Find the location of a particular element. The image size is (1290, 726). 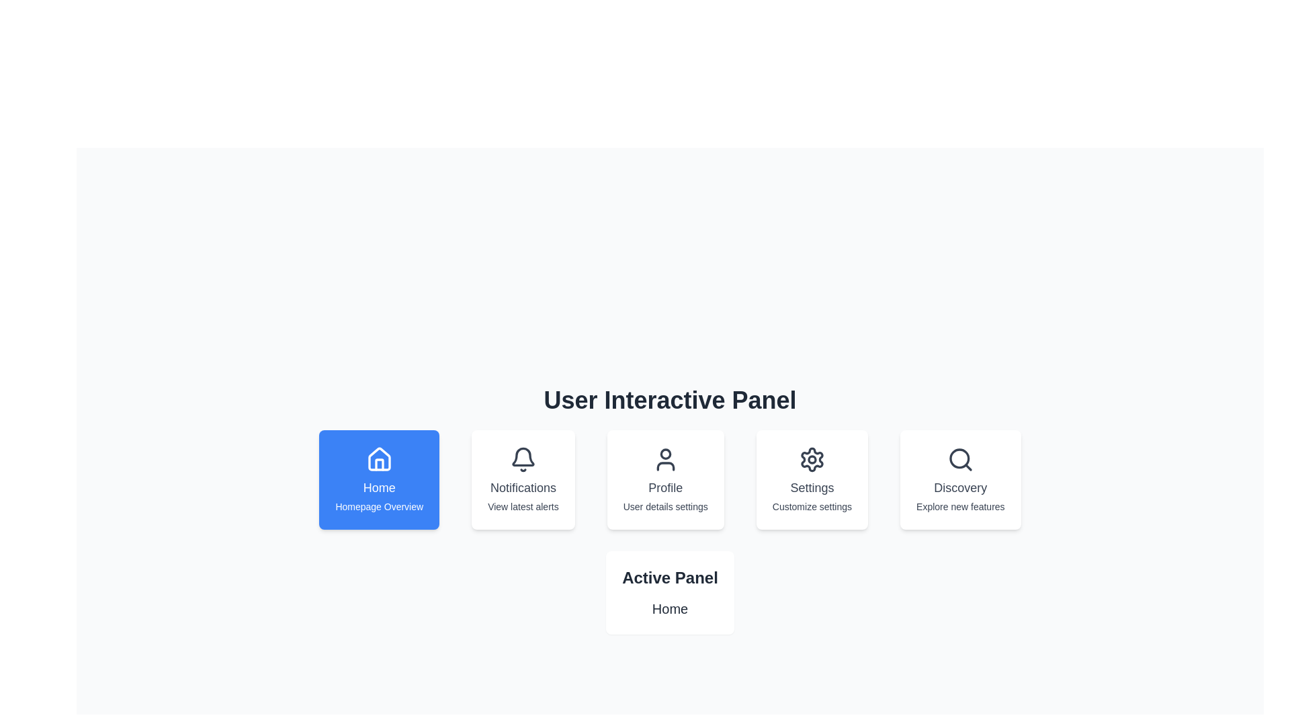

the small circular decorative element located at the center of the settings gear icon, which is directly below the 'Settings' text label is located at coordinates (811, 458).